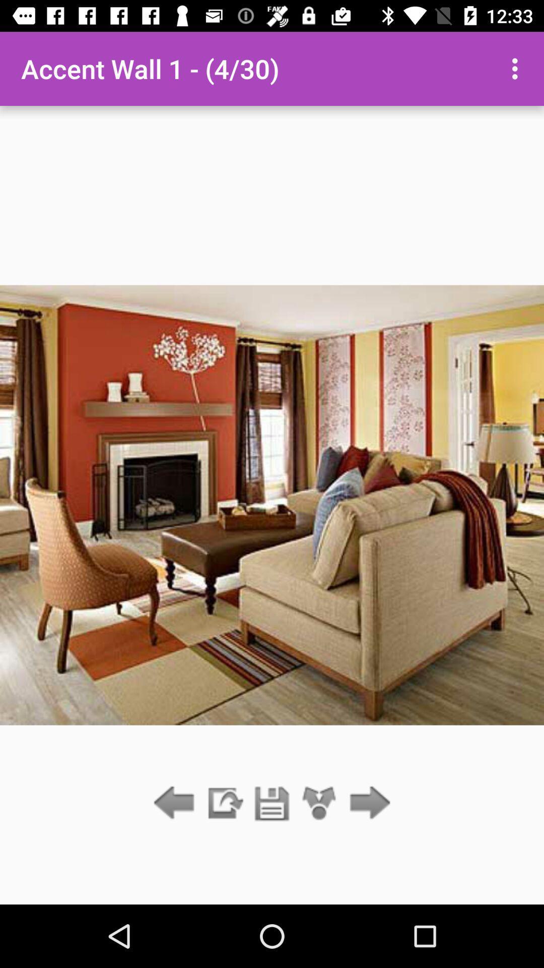 The image size is (544, 968). What do you see at coordinates (272, 803) in the screenshot?
I see `to disk` at bounding box center [272, 803].